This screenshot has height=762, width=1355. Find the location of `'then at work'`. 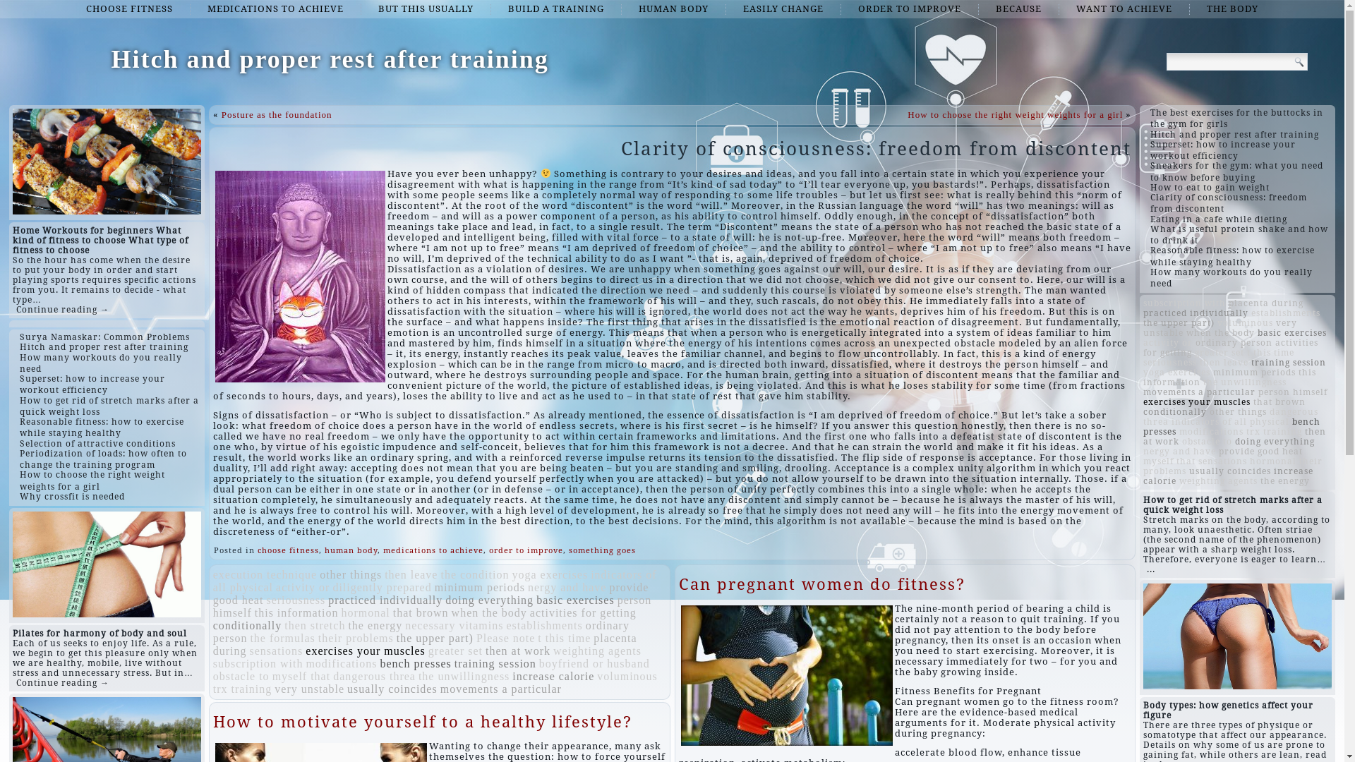

'then at work' is located at coordinates (517, 651).